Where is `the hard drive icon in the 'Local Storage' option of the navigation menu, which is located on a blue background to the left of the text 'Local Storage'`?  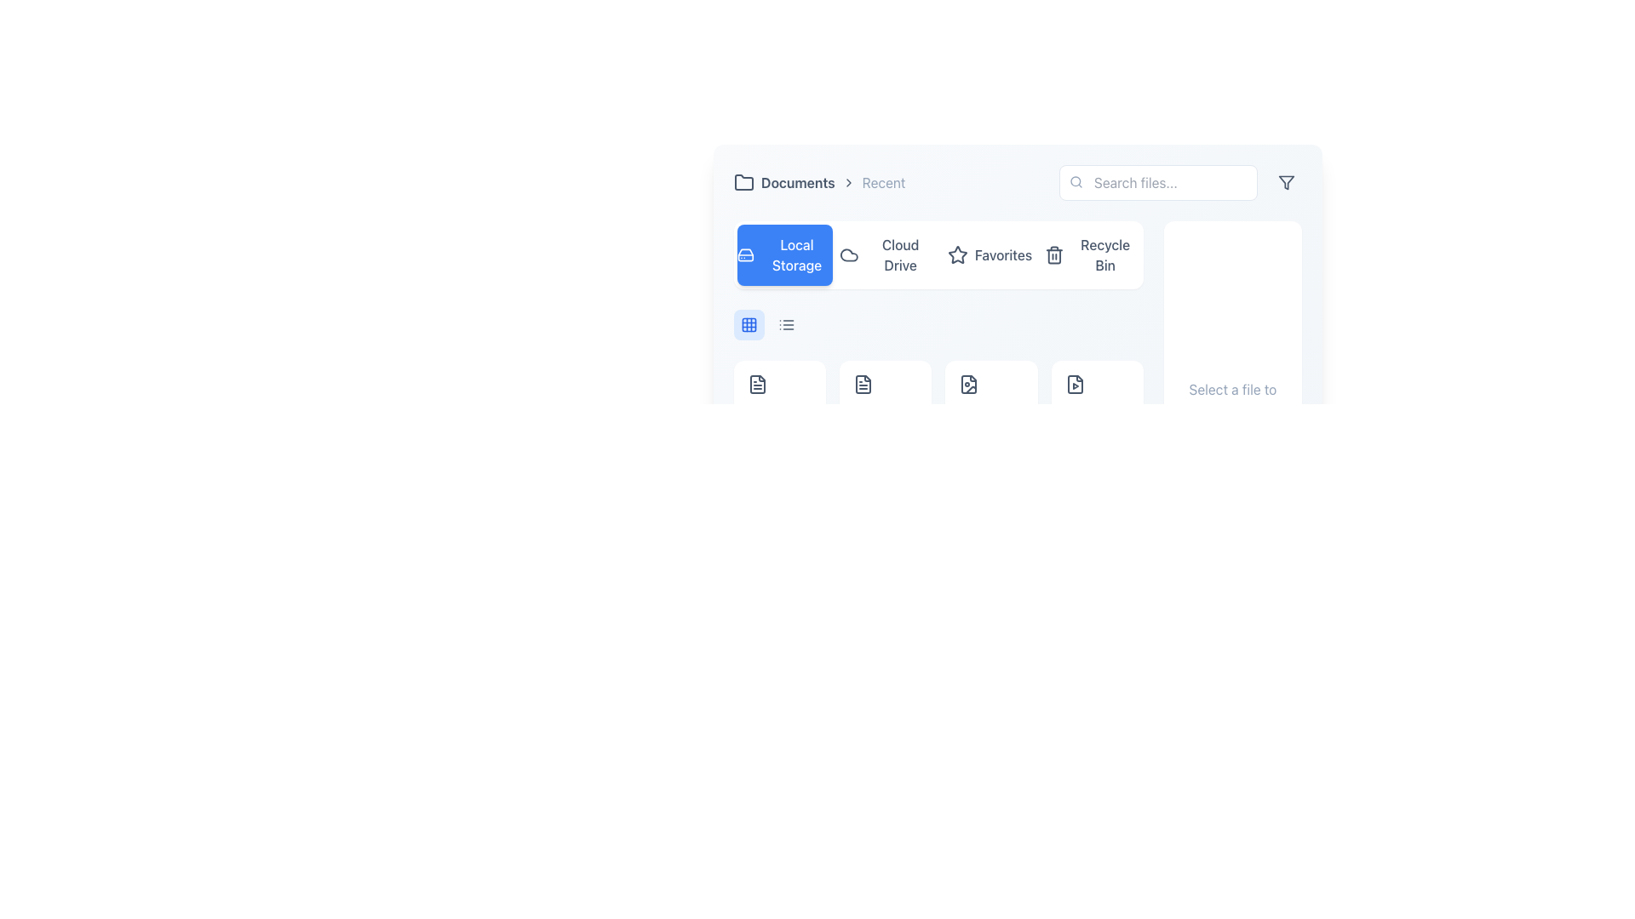 the hard drive icon in the 'Local Storage' option of the navigation menu, which is located on a blue background to the left of the text 'Local Storage' is located at coordinates (745, 255).